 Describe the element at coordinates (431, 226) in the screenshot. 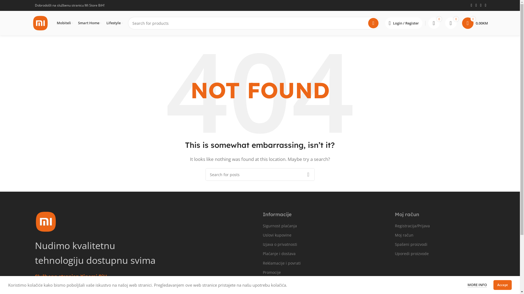

I see `'Registracija/Prijava'` at that location.